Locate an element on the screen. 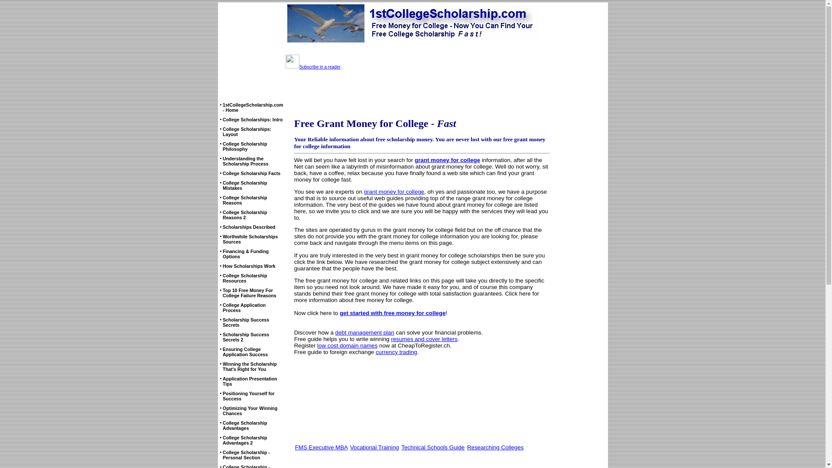 Image resolution: width=832 pixels, height=468 pixels. 'Application Presentation Tips' is located at coordinates (249, 380).